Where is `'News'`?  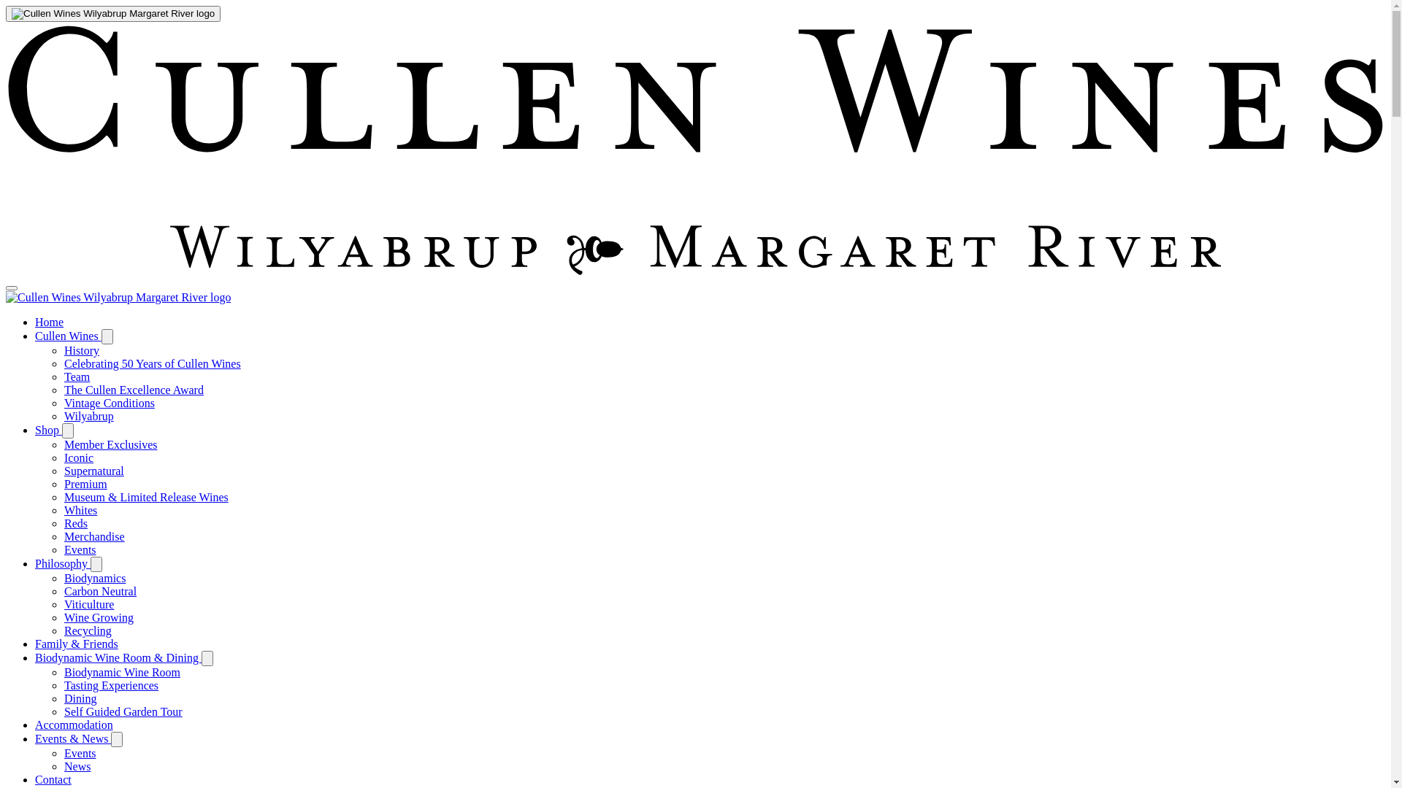 'News' is located at coordinates (76, 765).